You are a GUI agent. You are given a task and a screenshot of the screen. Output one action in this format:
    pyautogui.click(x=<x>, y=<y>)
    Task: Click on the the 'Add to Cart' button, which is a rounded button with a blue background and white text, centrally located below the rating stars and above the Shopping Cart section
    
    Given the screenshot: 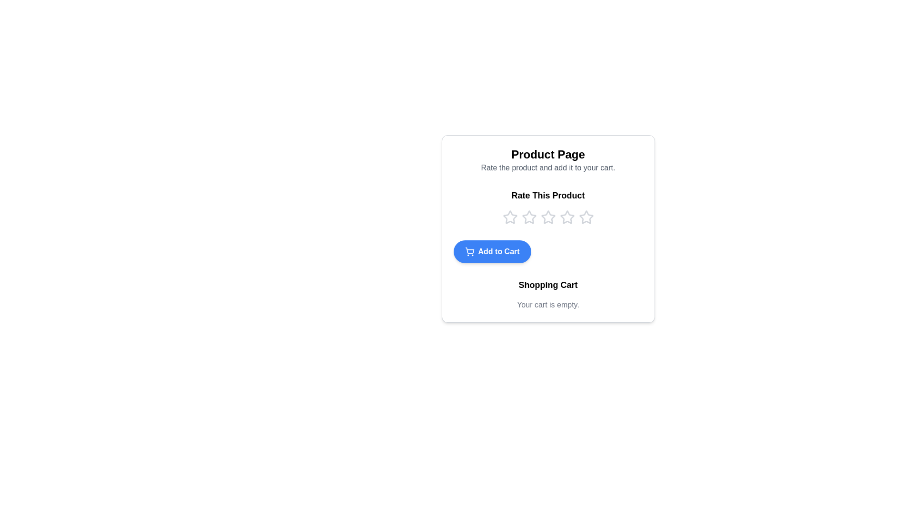 What is the action you would take?
    pyautogui.click(x=492, y=251)
    